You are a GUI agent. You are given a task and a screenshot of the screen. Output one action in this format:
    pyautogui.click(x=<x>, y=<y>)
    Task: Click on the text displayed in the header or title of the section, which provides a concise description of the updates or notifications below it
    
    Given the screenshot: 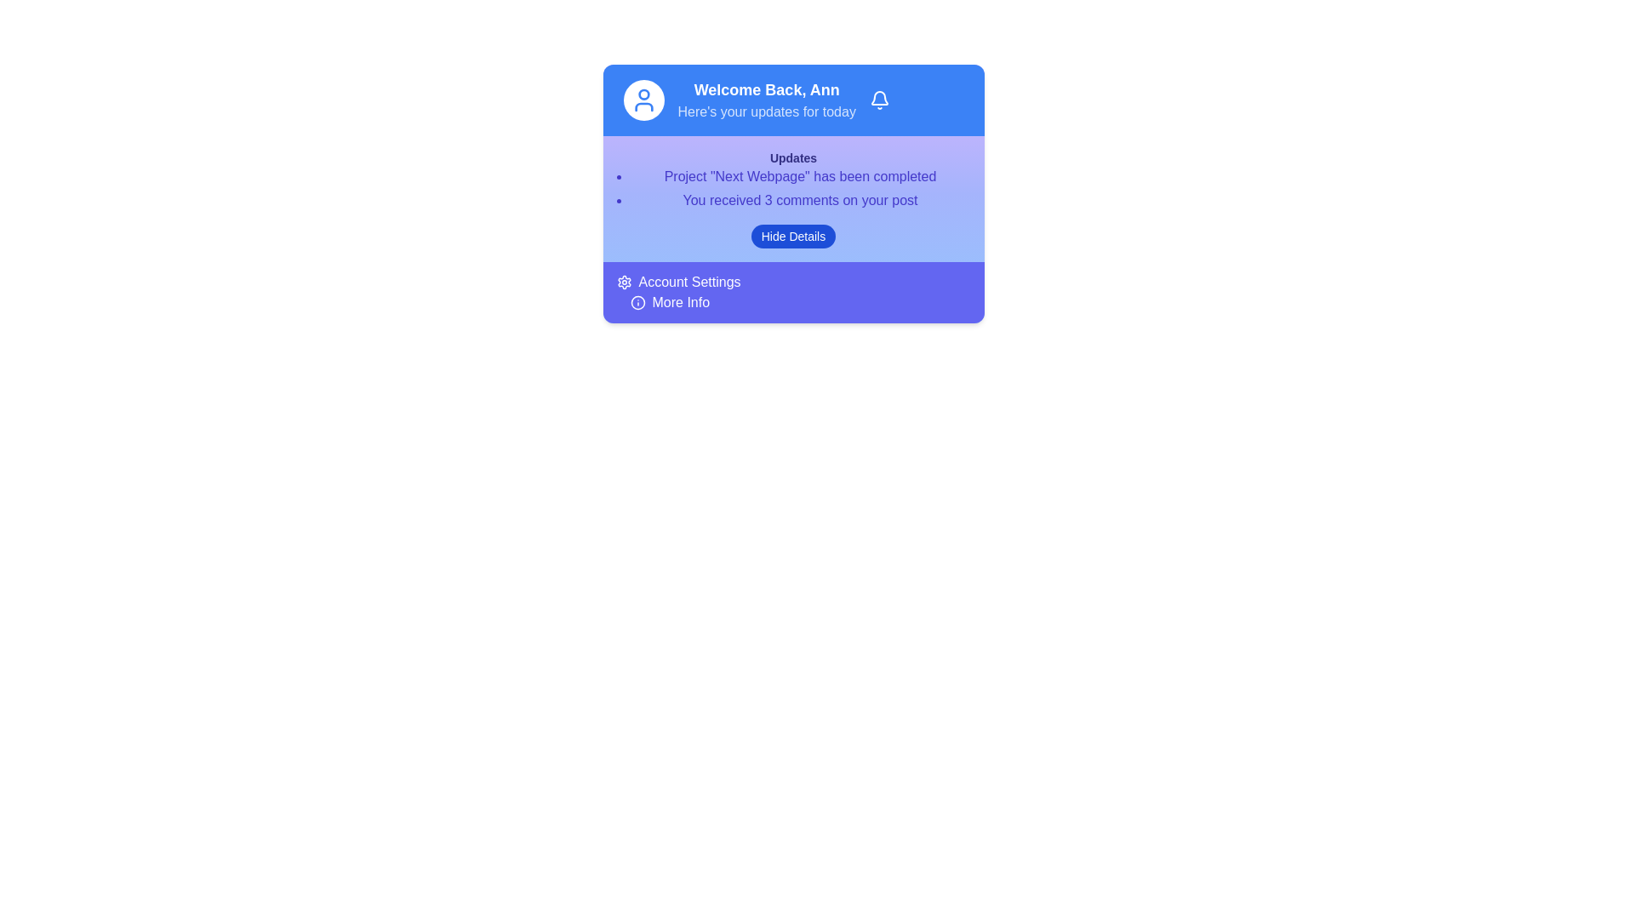 What is the action you would take?
    pyautogui.click(x=792, y=157)
    